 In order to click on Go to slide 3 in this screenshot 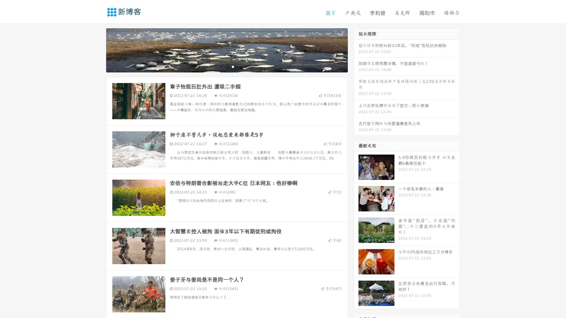, I will do `click(233, 66)`.